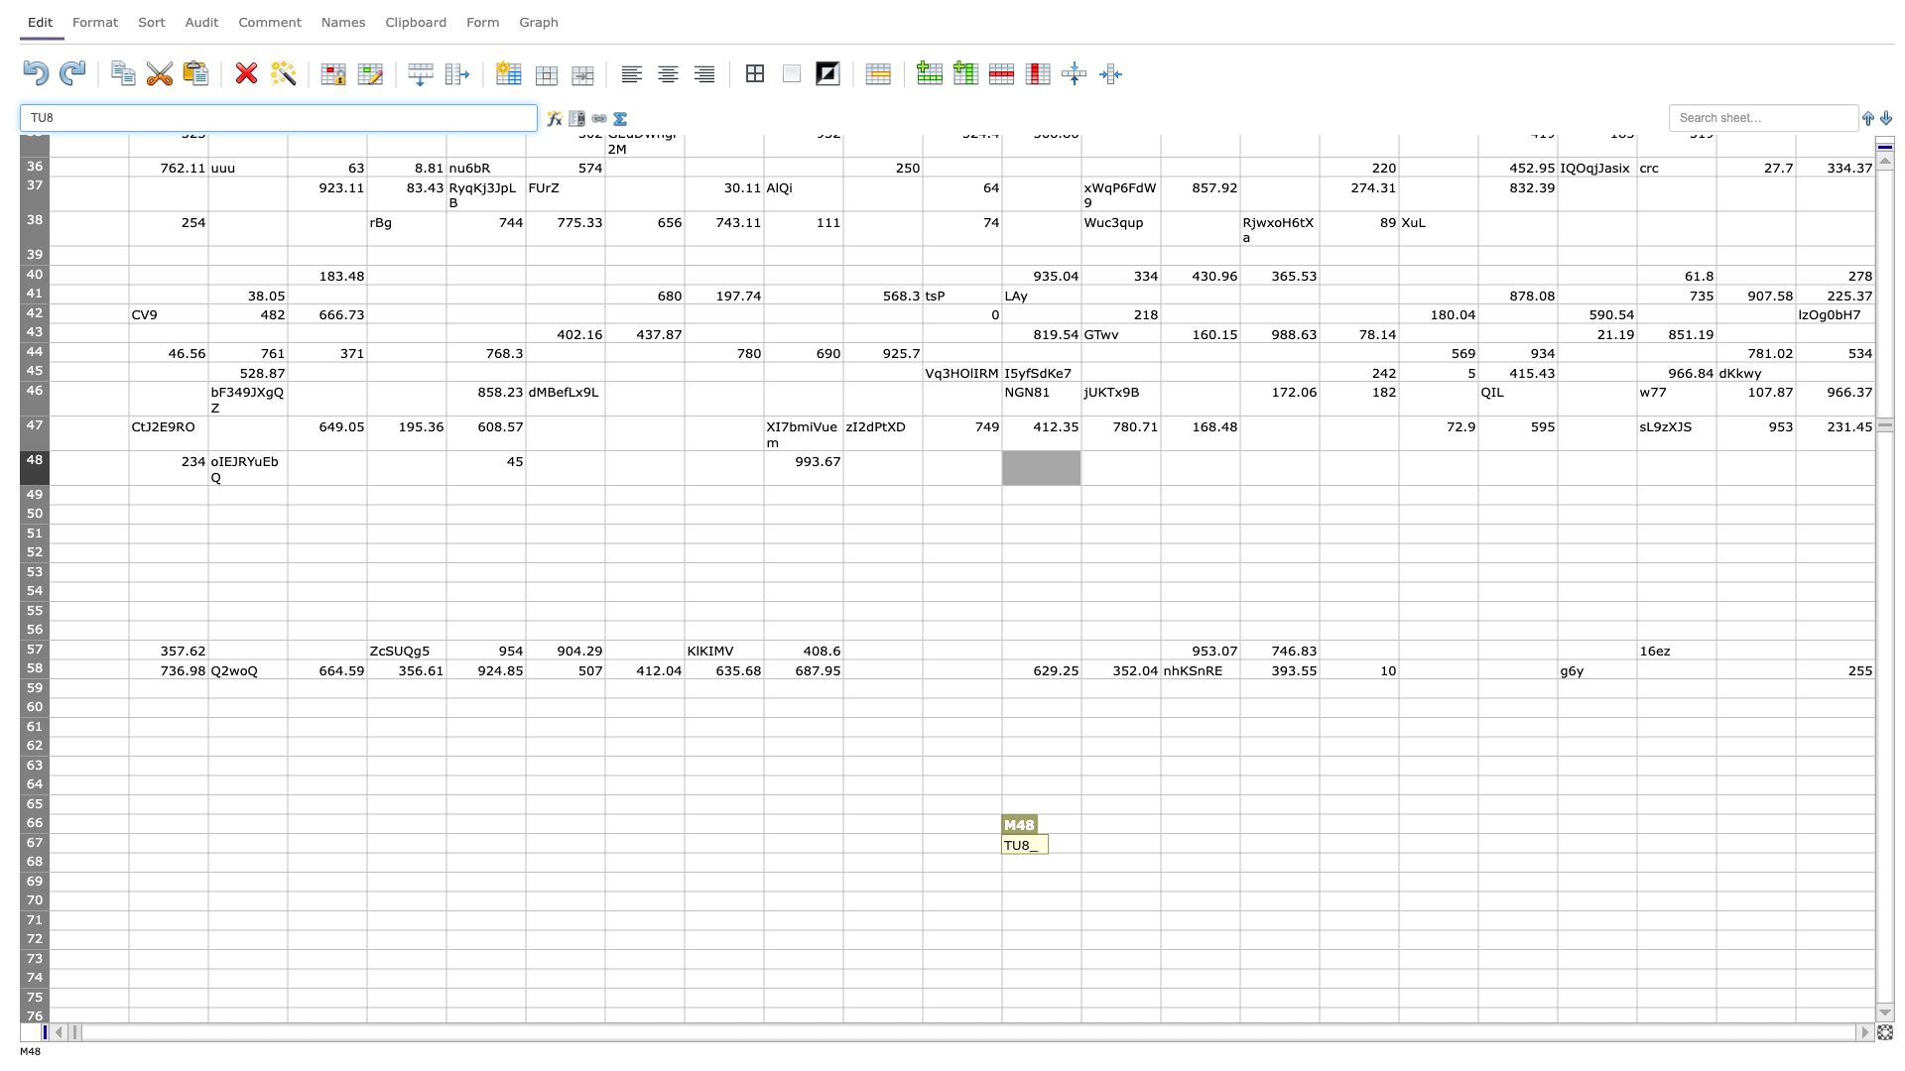 This screenshot has width=1905, height=1071. What do you see at coordinates (1161, 871) in the screenshot?
I see `Bottom right corner of N-68` at bounding box center [1161, 871].